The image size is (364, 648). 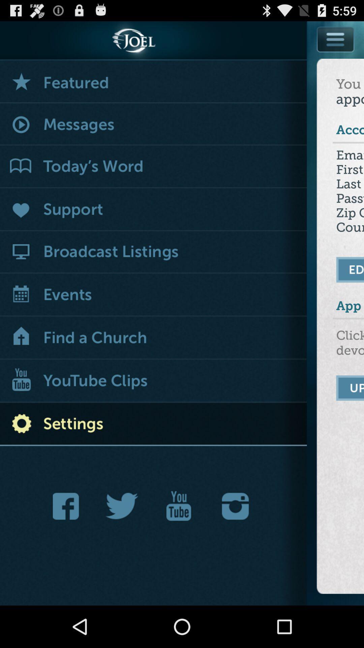 What do you see at coordinates (335, 54) in the screenshot?
I see `menu options list` at bounding box center [335, 54].